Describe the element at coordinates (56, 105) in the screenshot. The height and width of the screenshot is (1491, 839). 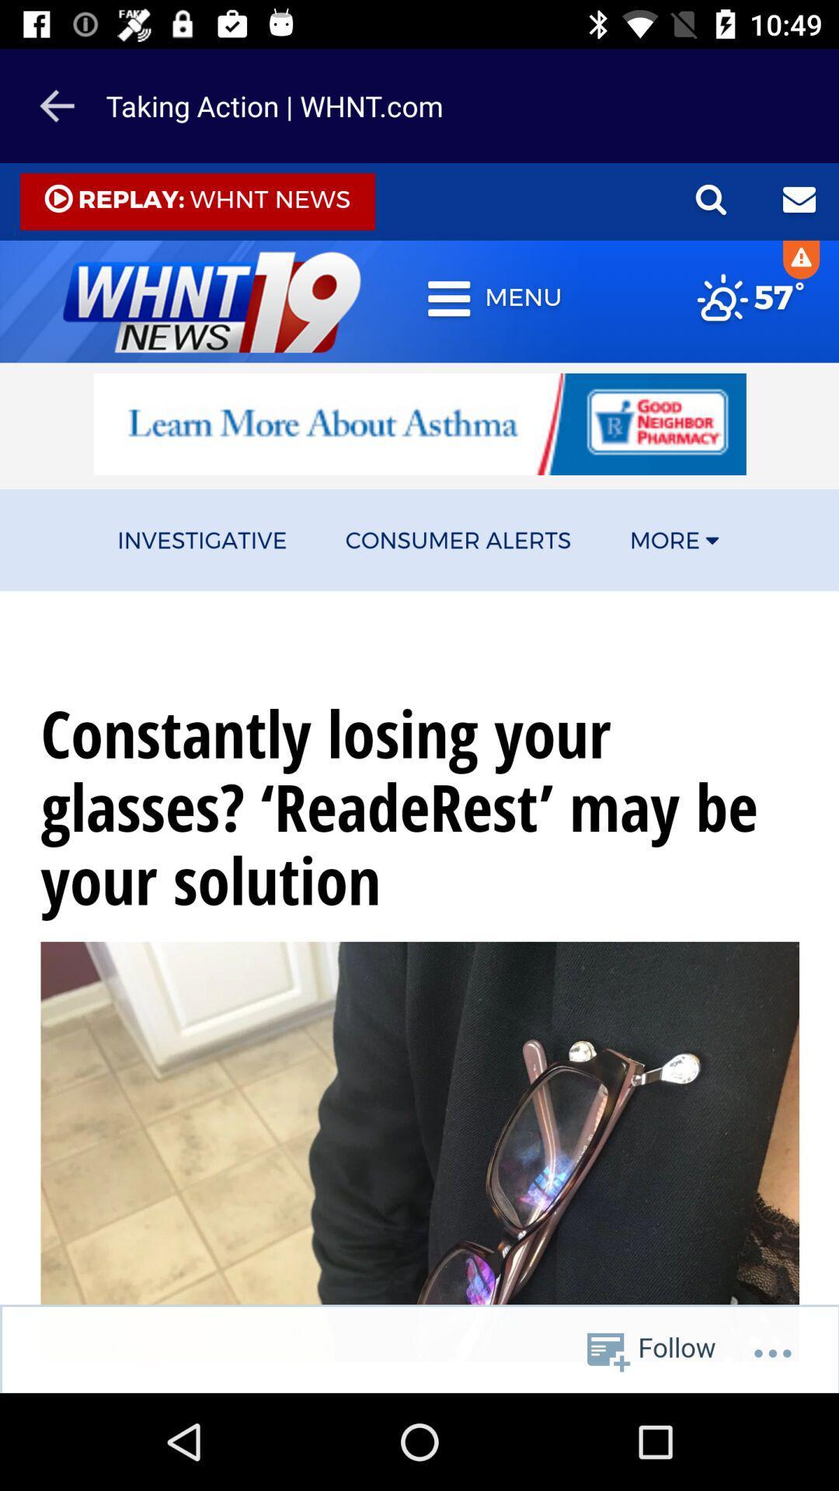
I see `the arrow_backward icon` at that location.